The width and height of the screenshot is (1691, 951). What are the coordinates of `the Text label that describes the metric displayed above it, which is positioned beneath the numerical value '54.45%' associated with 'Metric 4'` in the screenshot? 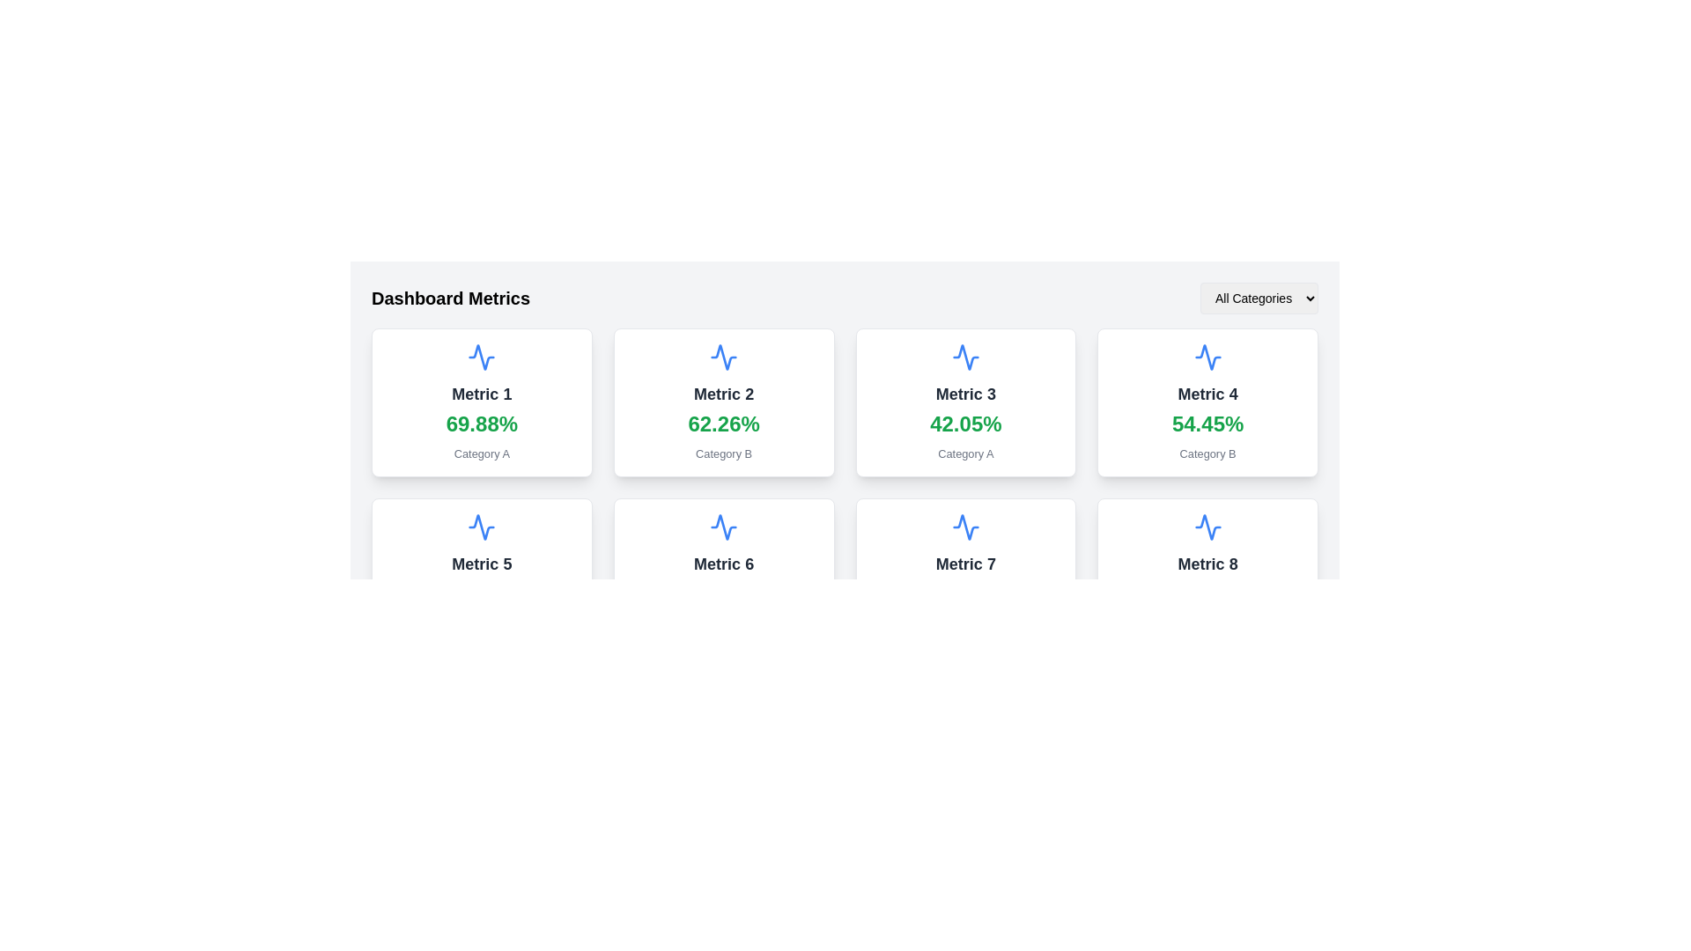 It's located at (1207, 453).